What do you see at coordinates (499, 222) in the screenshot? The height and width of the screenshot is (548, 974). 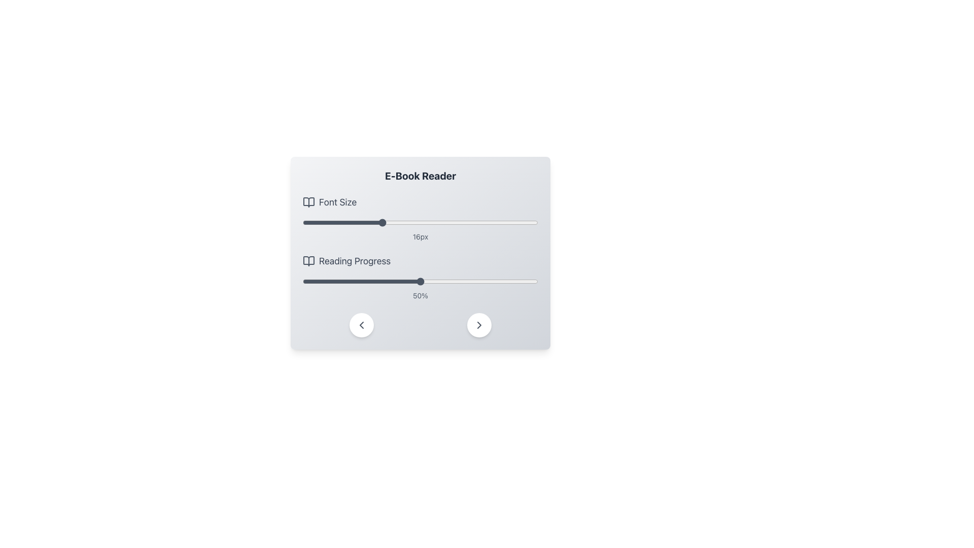 I see `the font size` at bounding box center [499, 222].